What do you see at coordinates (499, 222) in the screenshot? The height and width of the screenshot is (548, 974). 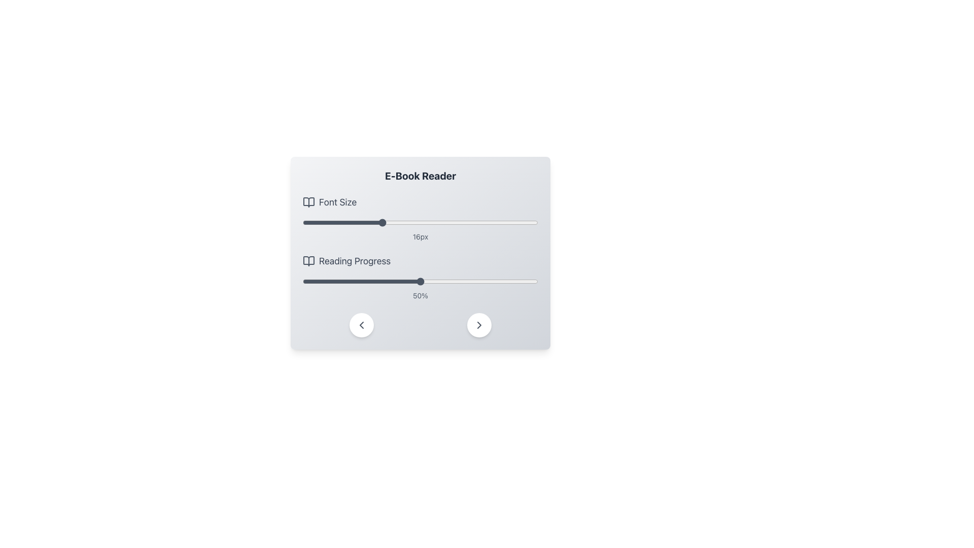 I see `the font size` at bounding box center [499, 222].